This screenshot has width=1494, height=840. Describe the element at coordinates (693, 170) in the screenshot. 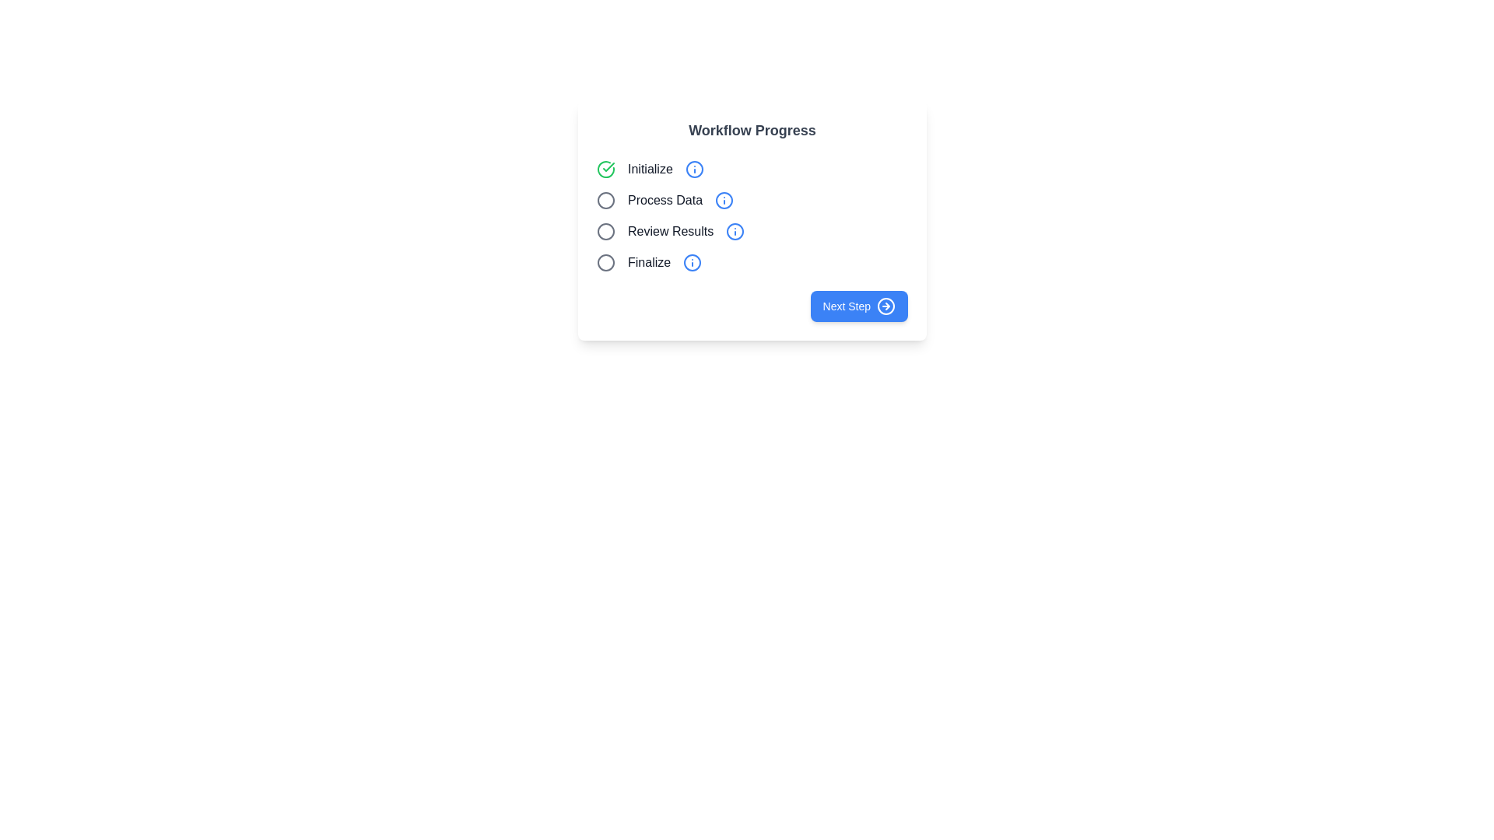

I see `the circular vector graphic element that represents the information symbol for the 'Initialize' workflow step in the icon adjacent to the 'Initialize' label` at that location.